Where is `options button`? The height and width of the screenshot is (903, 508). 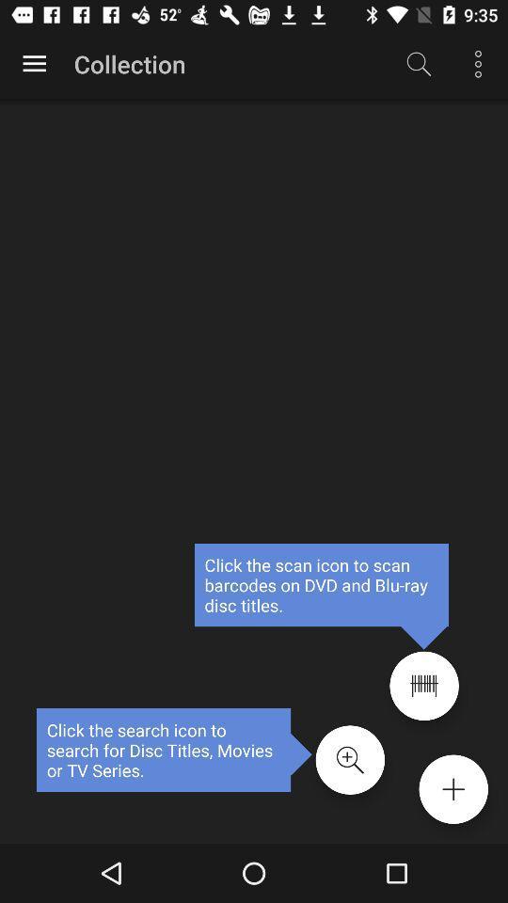 options button is located at coordinates (34, 64).